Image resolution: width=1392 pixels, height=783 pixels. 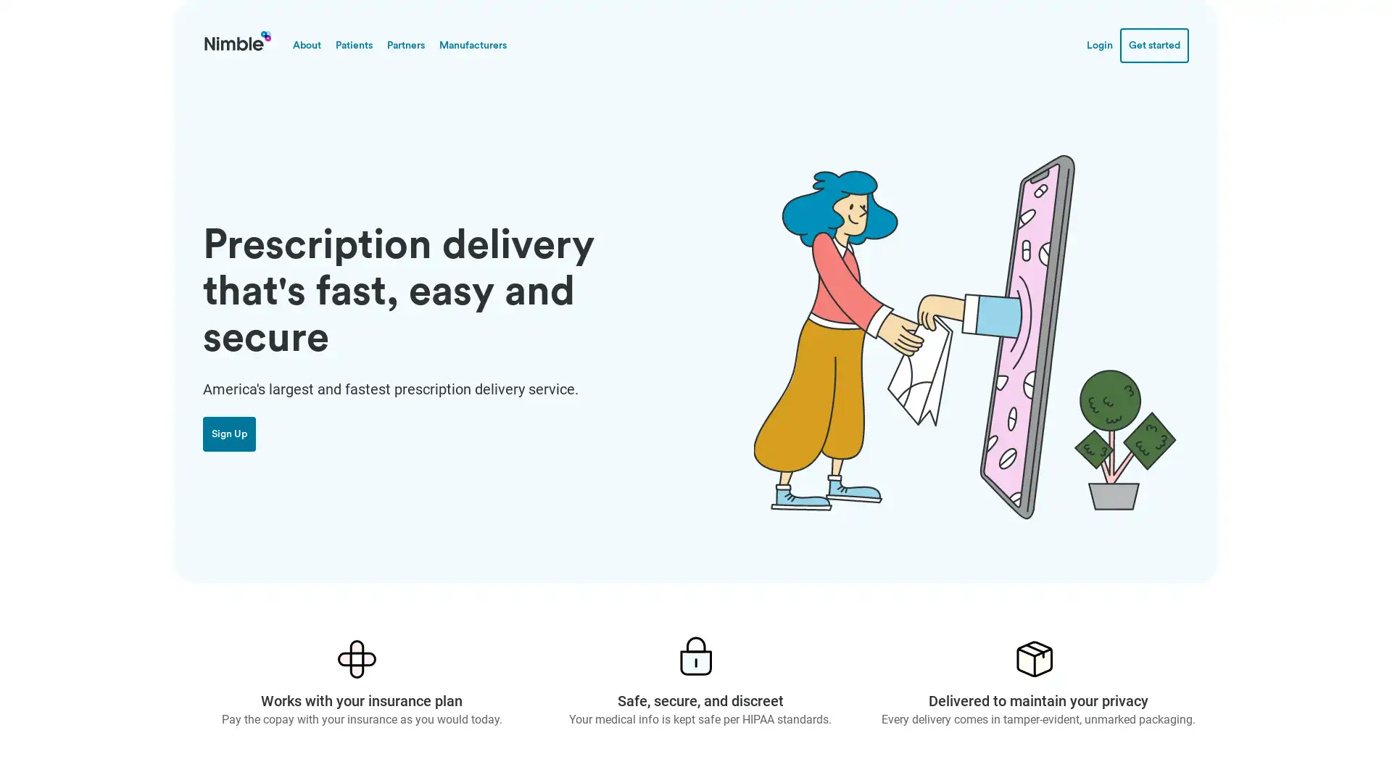 I want to click on Patients, so click(x=354, y=43).